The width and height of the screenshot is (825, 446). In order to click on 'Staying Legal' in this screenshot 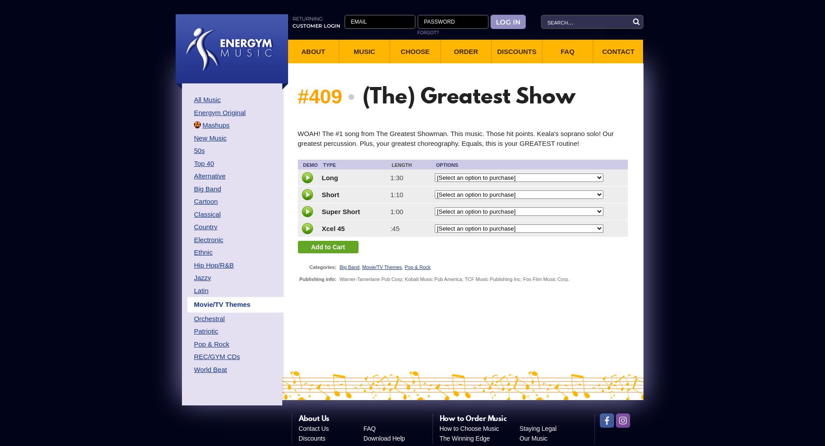, I will do `click(537, 428)`.